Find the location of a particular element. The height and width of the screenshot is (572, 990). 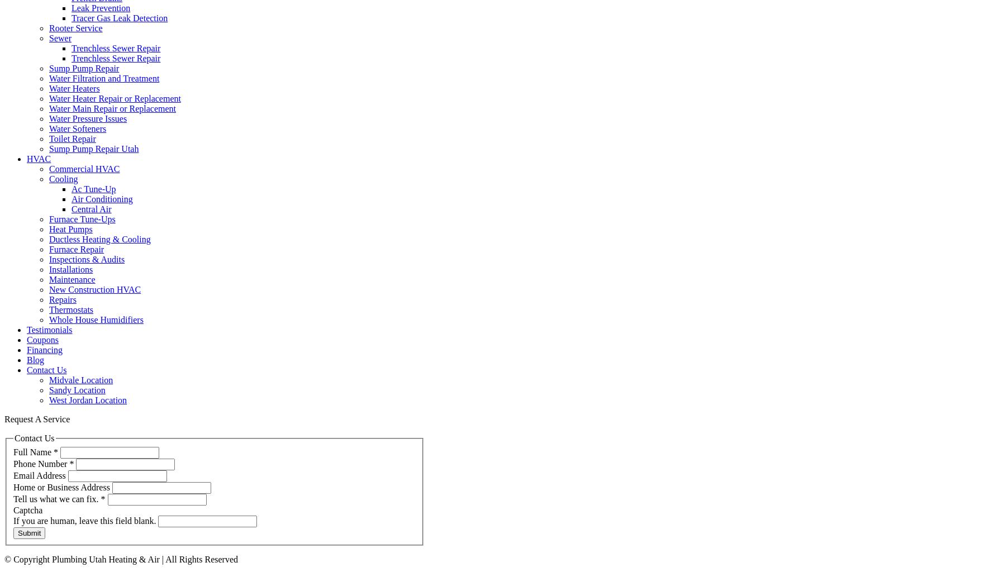

'Furnace Tune-Ups' is located at coordinates (82, 218).